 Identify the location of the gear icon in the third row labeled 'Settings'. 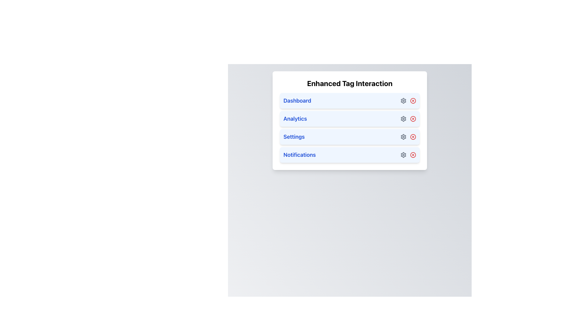
(403, 137).